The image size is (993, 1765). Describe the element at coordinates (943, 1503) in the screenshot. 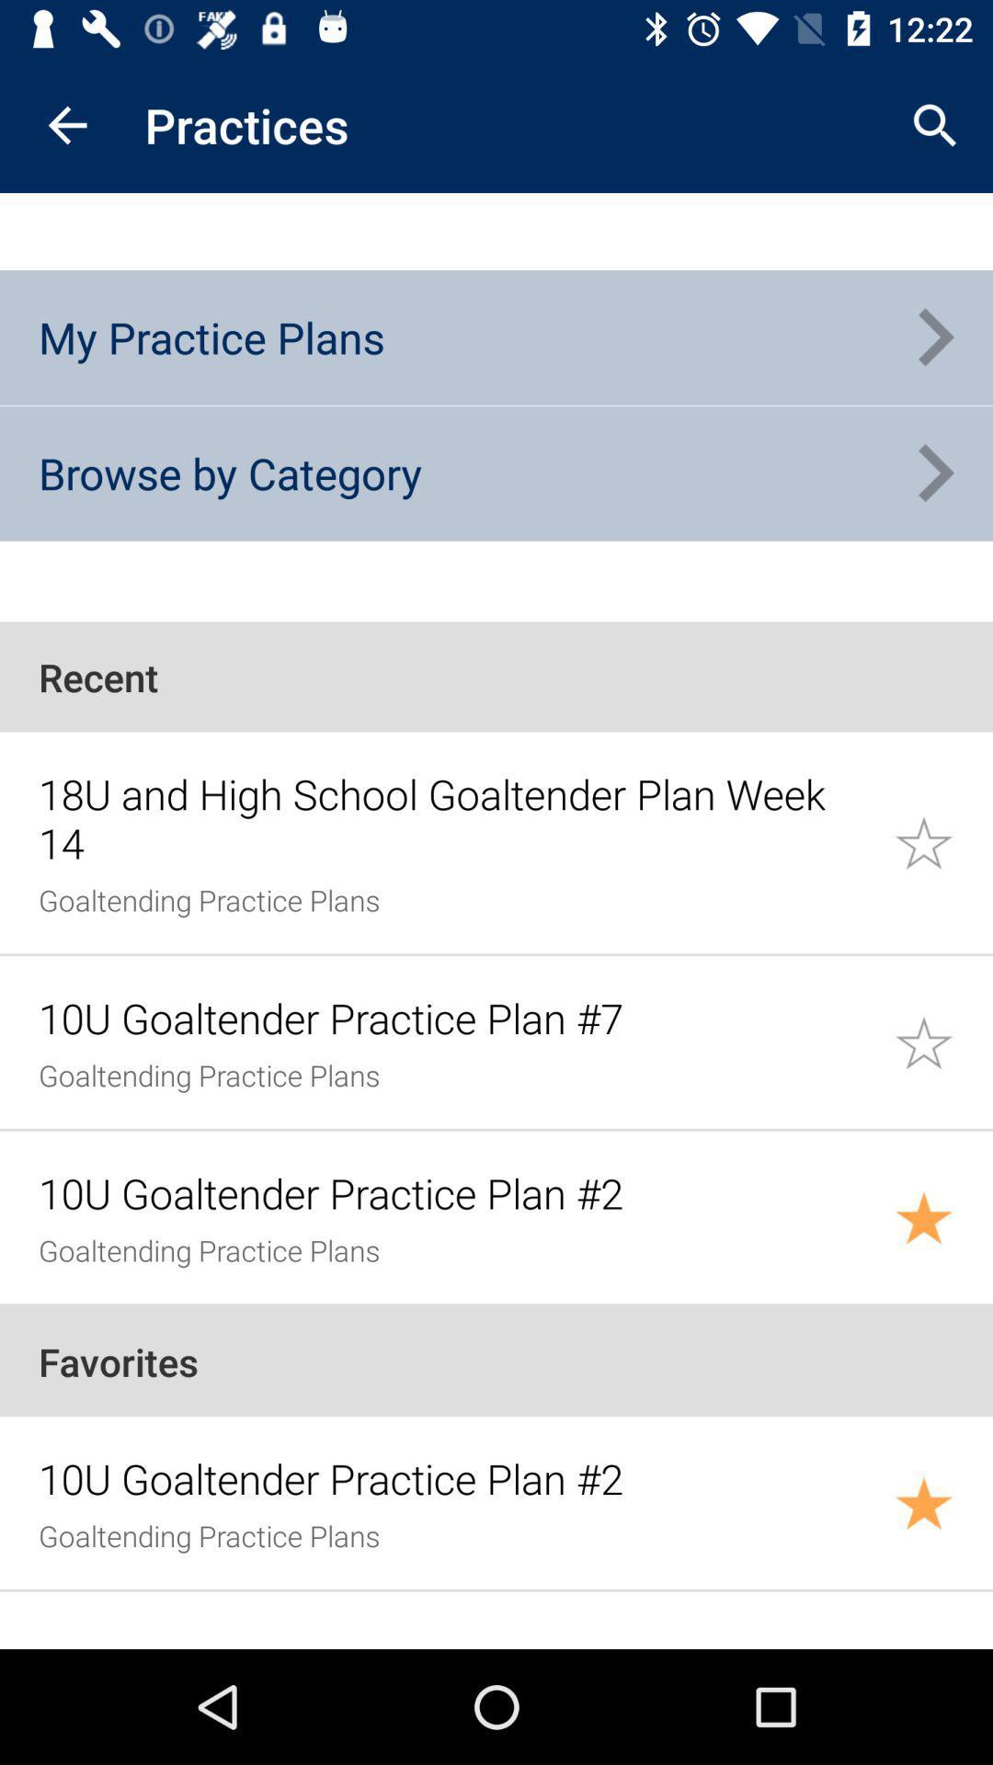

I see `remove favorite` at that location.